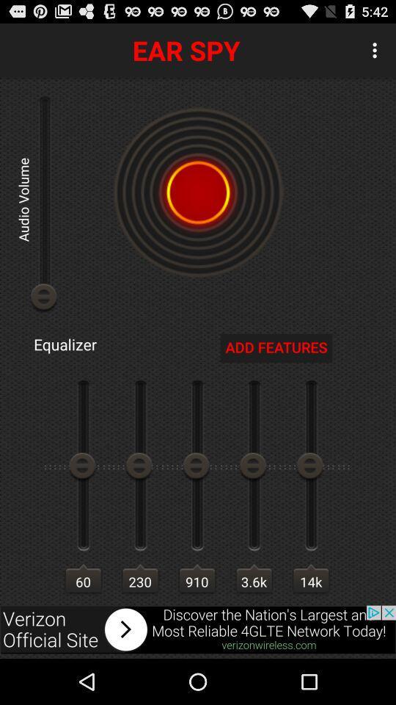  What do you see at coordinates (198, 629) in the screenshot?
I see `clickable verizon advertisement` at bounding box center [198, 629].